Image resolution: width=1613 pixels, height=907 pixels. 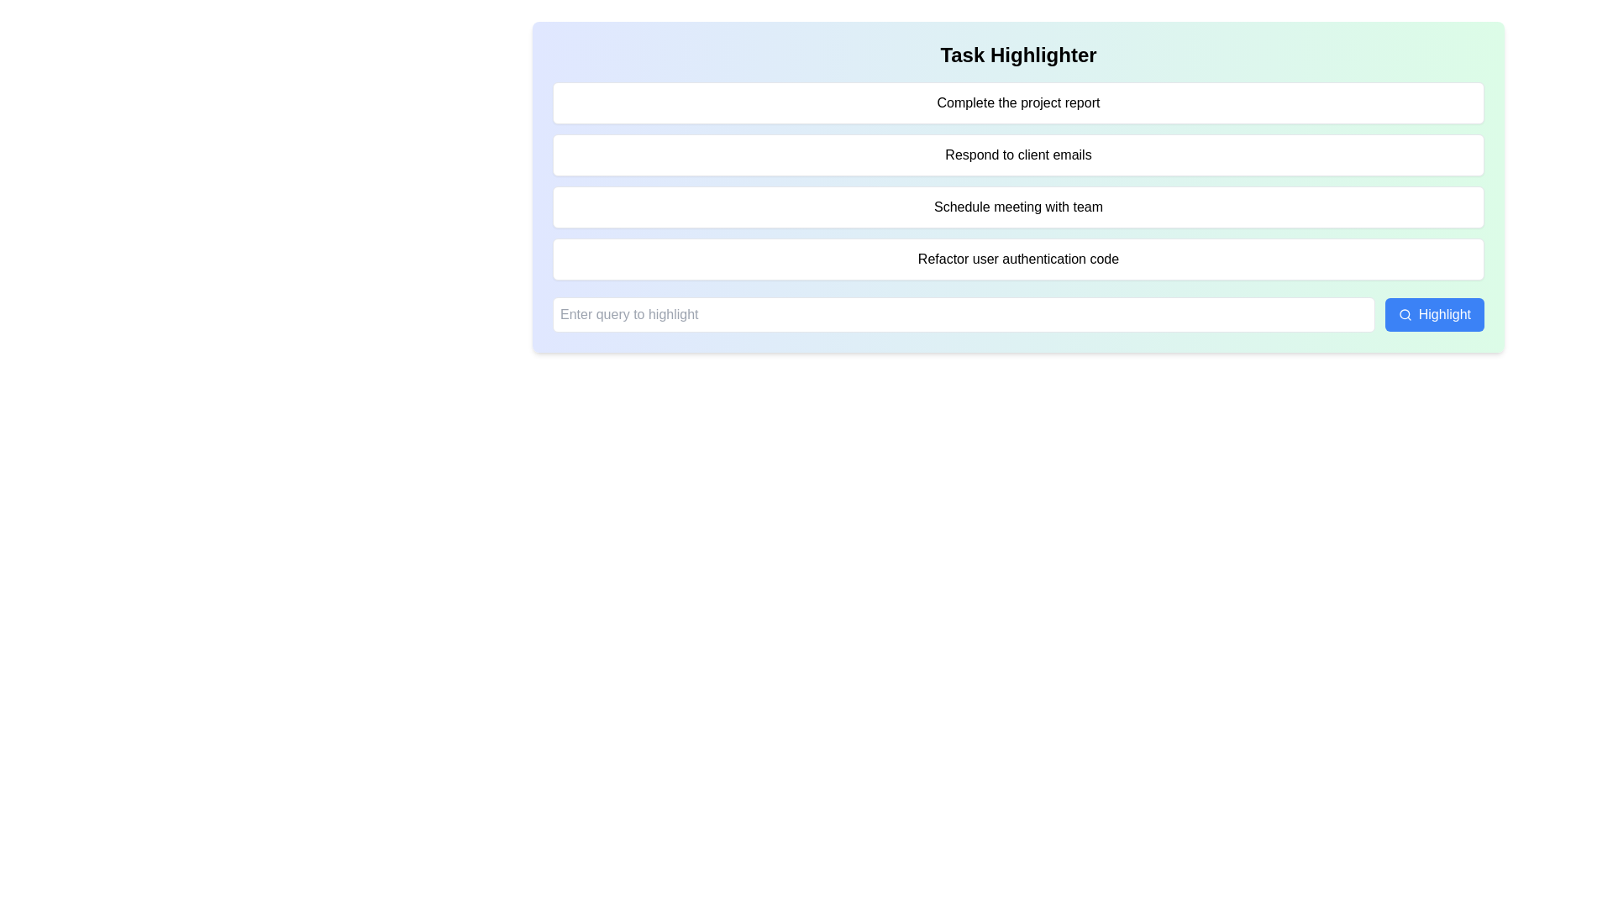 I want to click on the first task item labeled 'Complete the project report', which is a rectangular element with rounded corners and a light background, positioned below the 'Task Highlighter' heading, so click(x=1017, y=103).